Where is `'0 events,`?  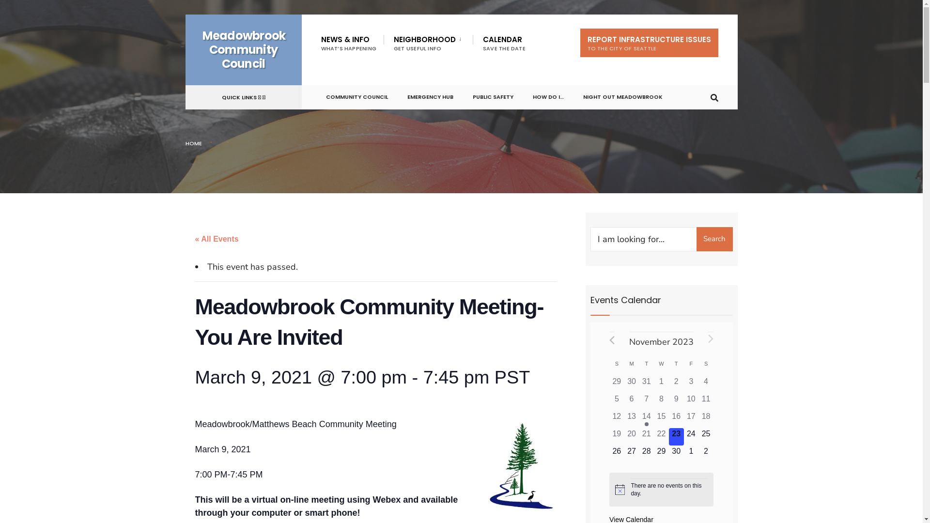 '0 events, is located at coordinates (691, 419).